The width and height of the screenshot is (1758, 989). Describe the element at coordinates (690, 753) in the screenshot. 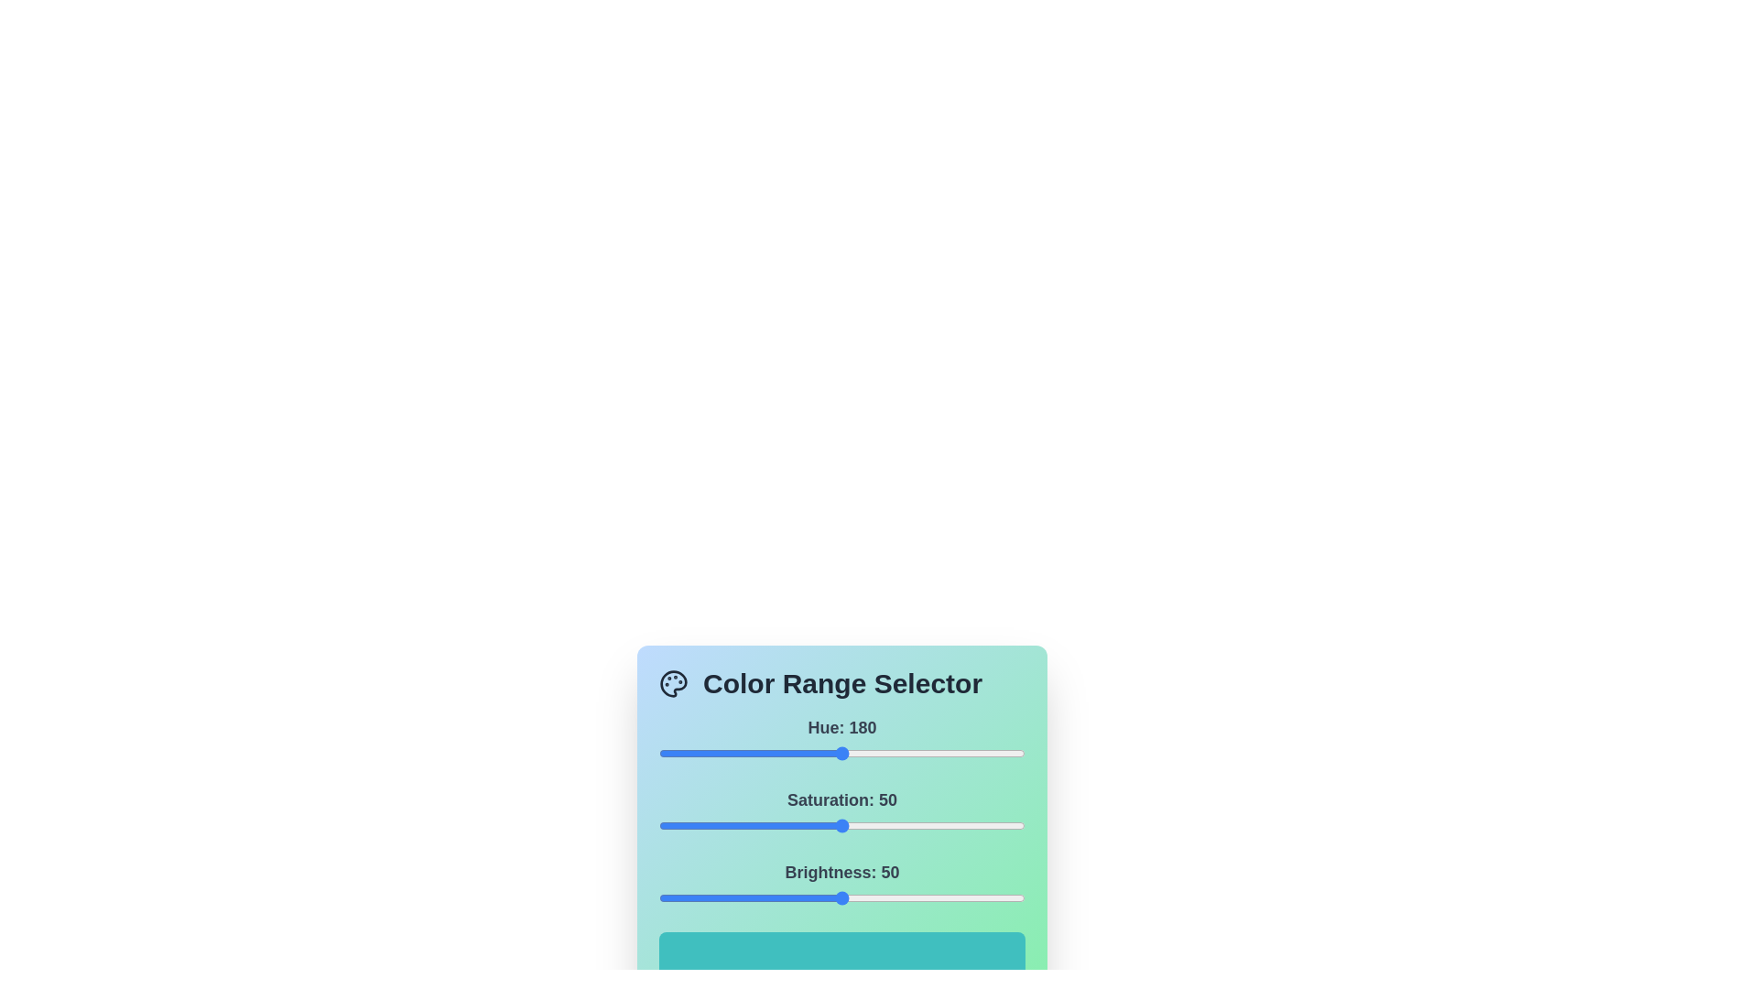

I see `the 0 slider to 32` at that location.